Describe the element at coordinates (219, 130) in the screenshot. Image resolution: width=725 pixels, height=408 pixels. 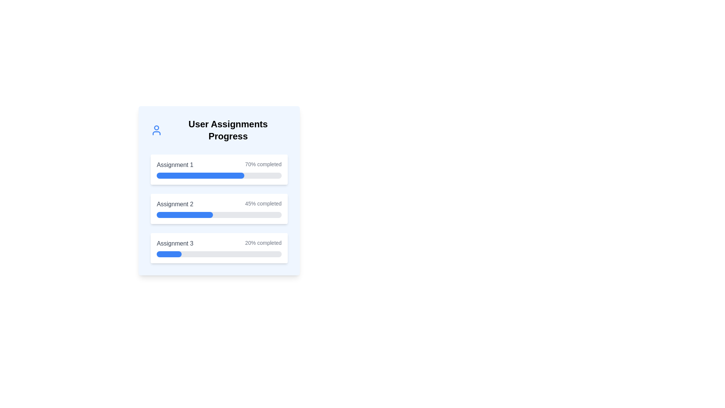
I see `textual header with icon located at the center of the layout, which provides context for user assignments` at that location.